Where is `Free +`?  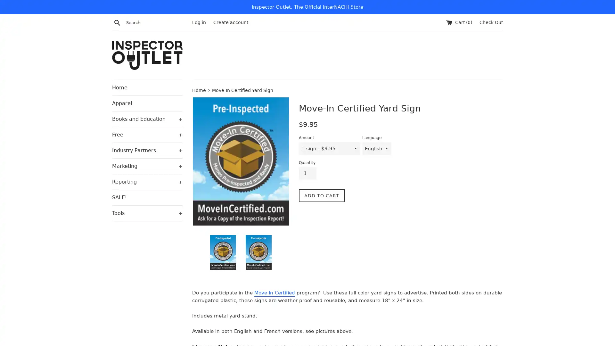 Free + is located at coordinates (147, 134).